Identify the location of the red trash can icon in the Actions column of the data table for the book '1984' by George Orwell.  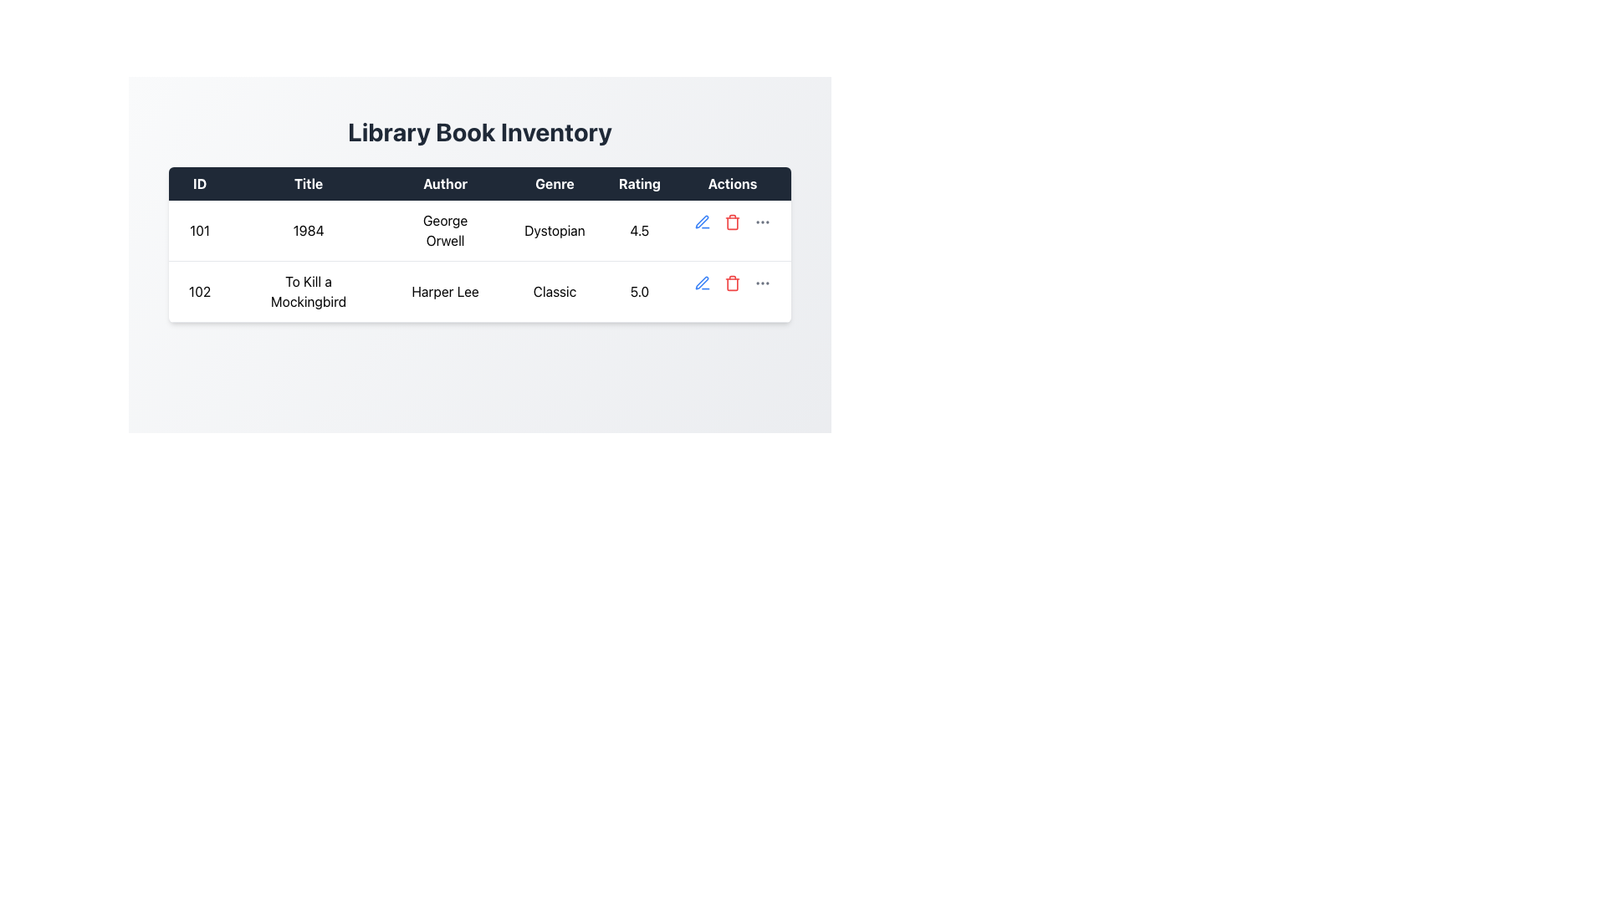
(732, 219).